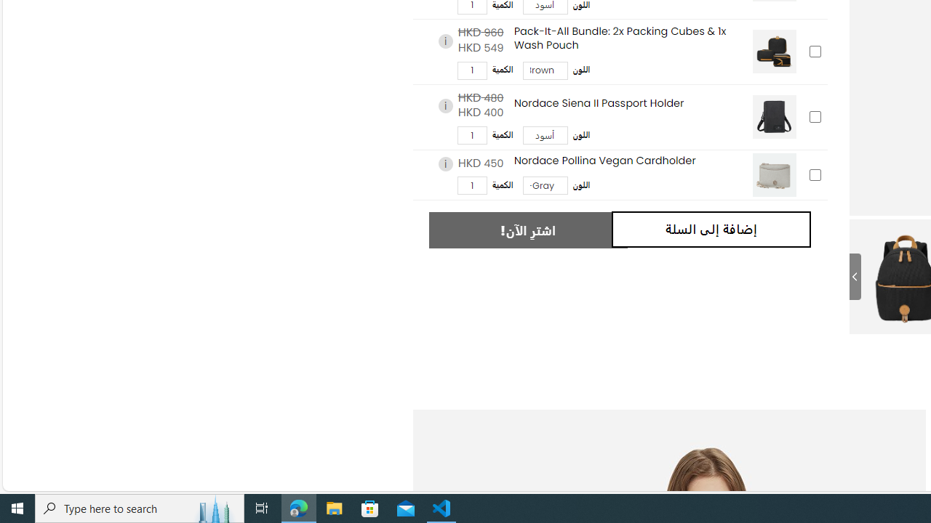  What do you see at coordinates (471, 185) in the screenshot?
I see `'Class: upsell-v2-product-upsell-variable-product-qty-select'` at bounding box center [471, 185].